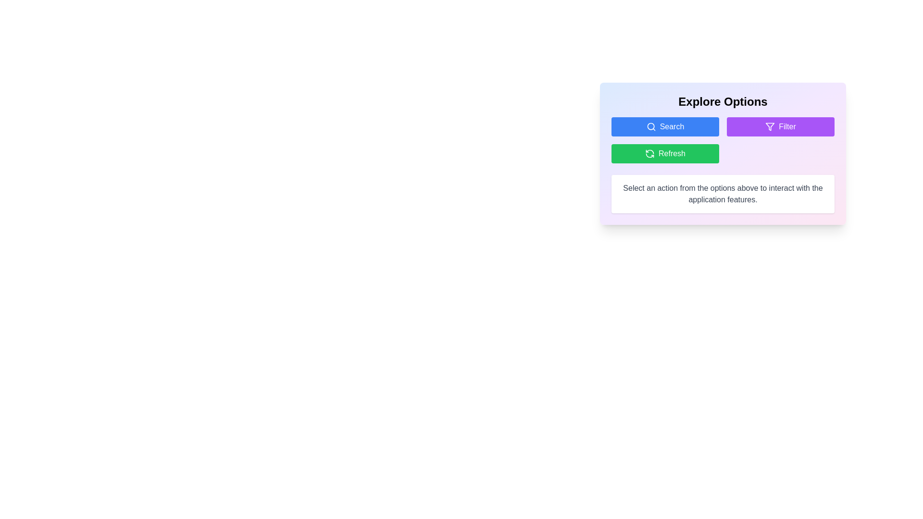 This screenshot has width=923, height=519. Describe the element at coordinates (723, 153) in the screenshot. I see `the buttons in the interactive panel that has a gradient background, specifically to trigger their hover effects` at that location.